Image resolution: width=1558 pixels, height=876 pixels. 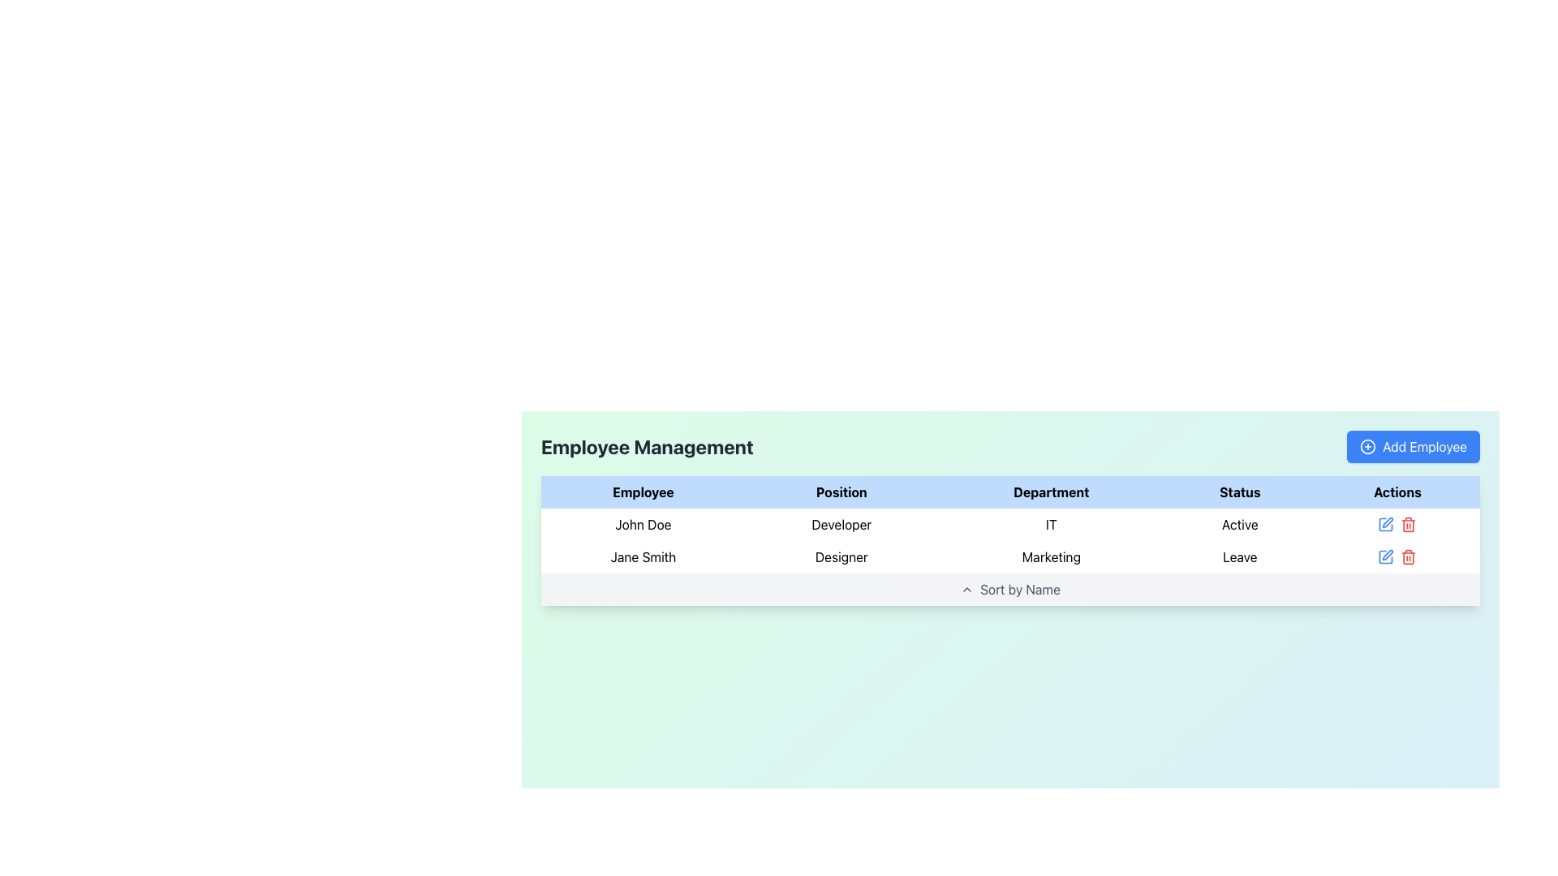 What do you see at coordinates (1051, 556) in the screenshot?
I see `the text label displaying 'Marketing' in the 'Department' column of the table associated with 'Jane Smith'` at bounding box center [1051, 556].